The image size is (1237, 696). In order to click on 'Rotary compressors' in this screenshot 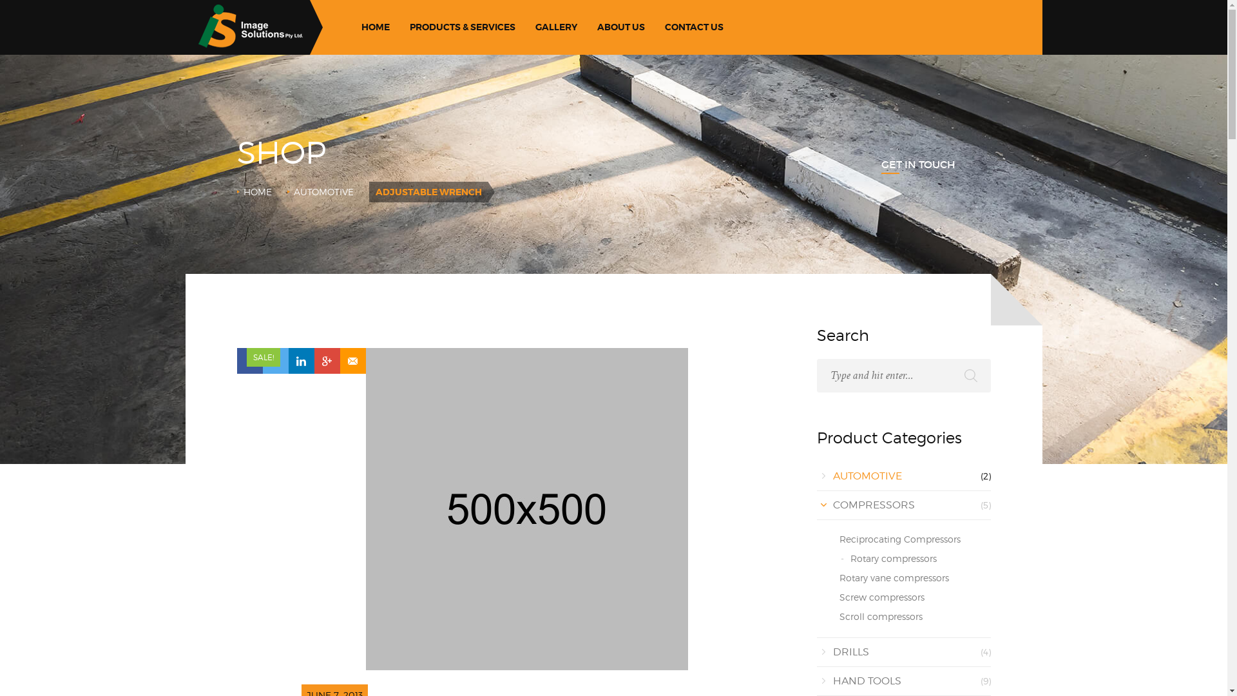, I will do `click(893, 557)`.